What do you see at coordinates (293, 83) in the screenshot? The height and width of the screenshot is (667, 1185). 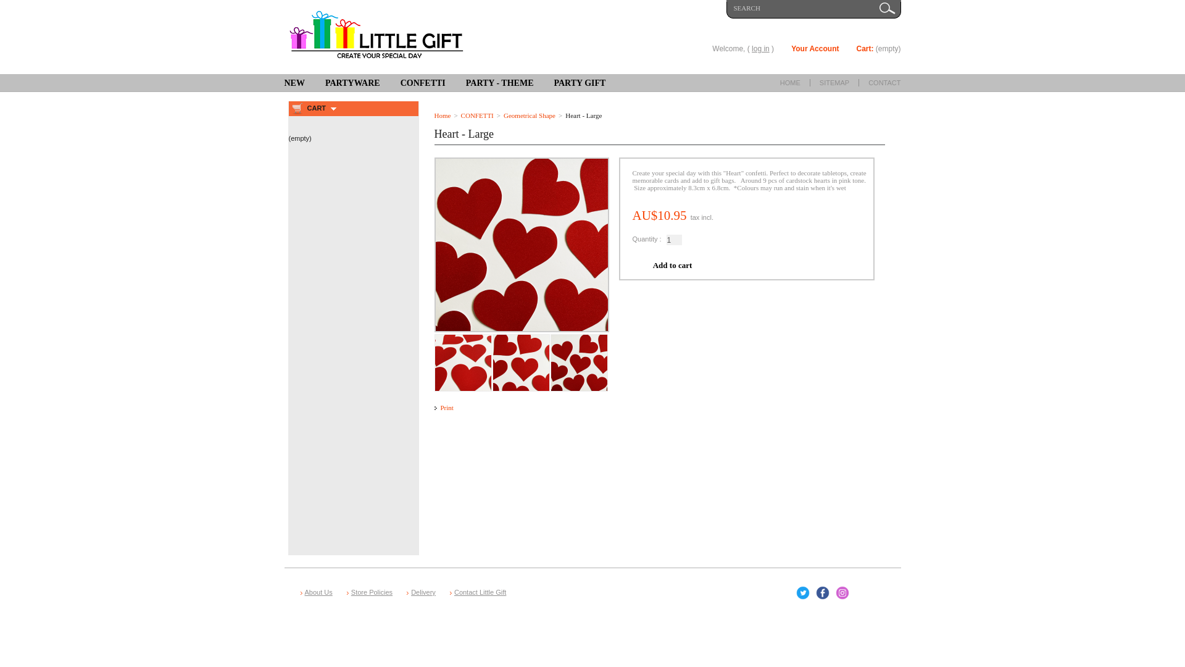 I see `'NEW'` at bounding box center [293, 83].